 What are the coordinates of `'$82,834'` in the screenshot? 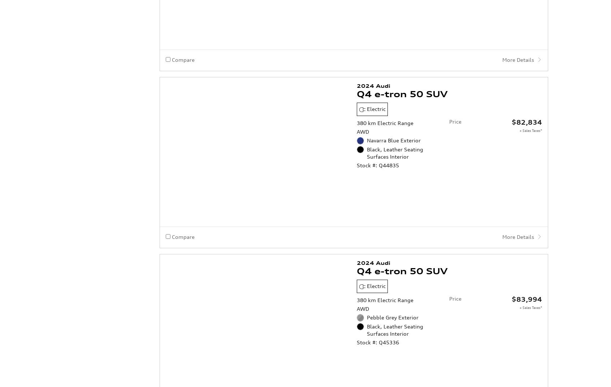 It's located at (526, 64).